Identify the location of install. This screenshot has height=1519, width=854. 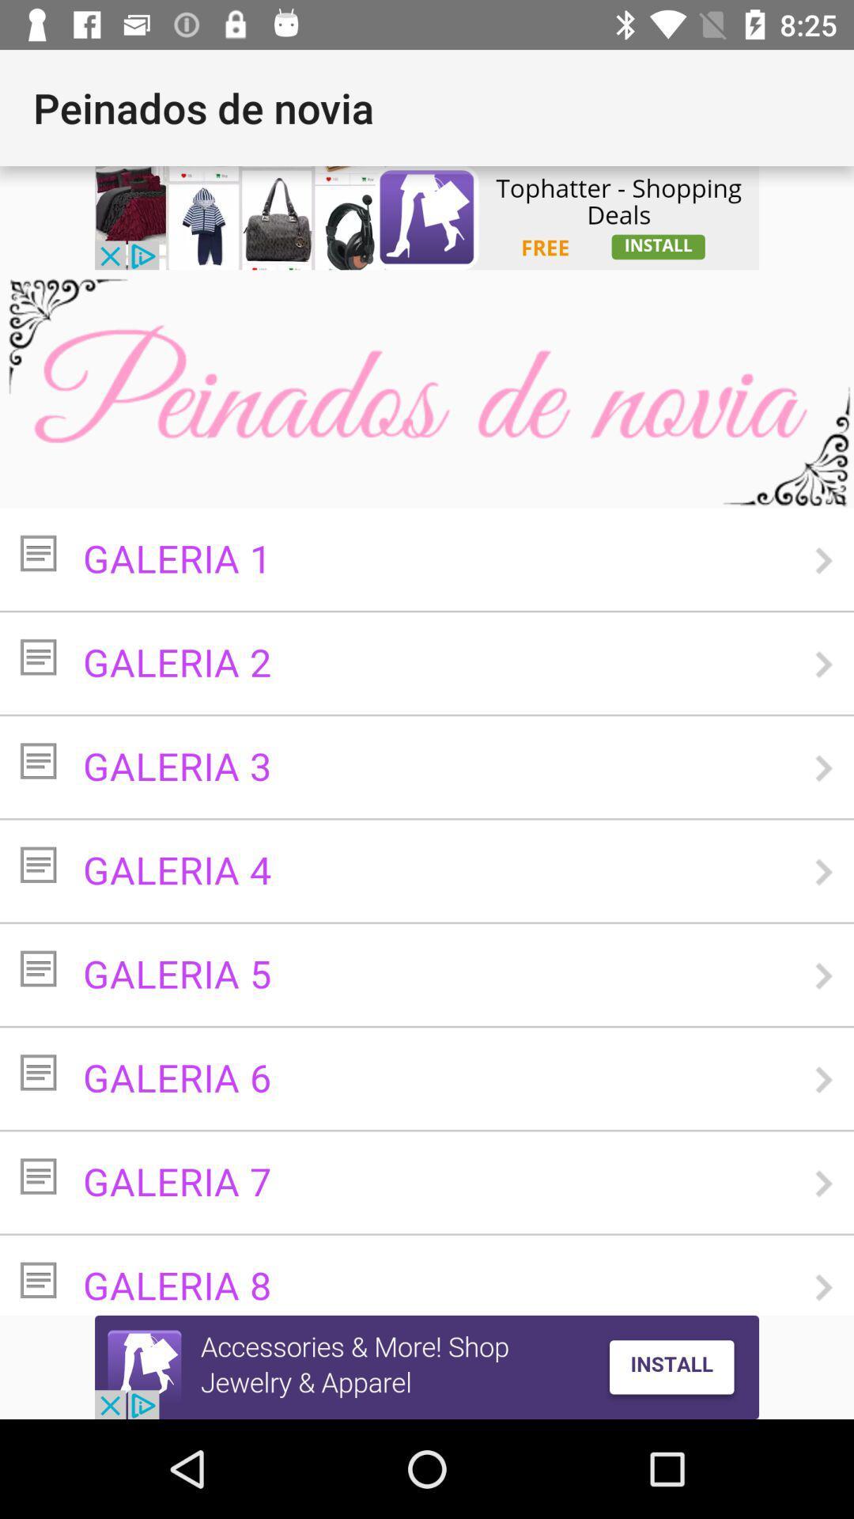
(427, 1366).